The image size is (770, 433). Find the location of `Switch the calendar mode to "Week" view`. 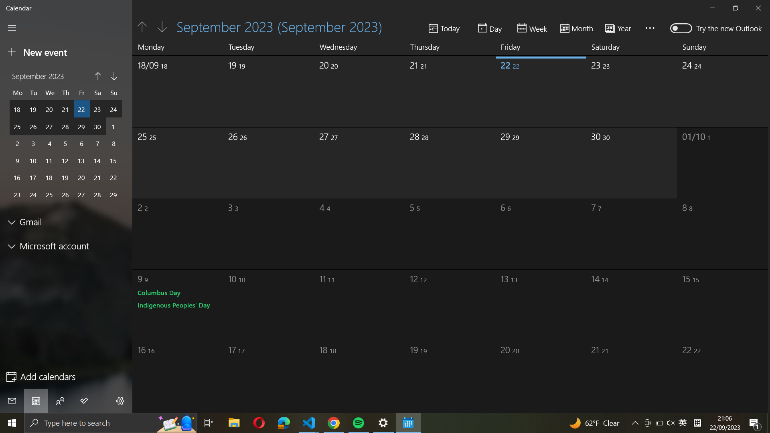

Switch the calendar mode to "Week" view is located at coordinates (533, 27).